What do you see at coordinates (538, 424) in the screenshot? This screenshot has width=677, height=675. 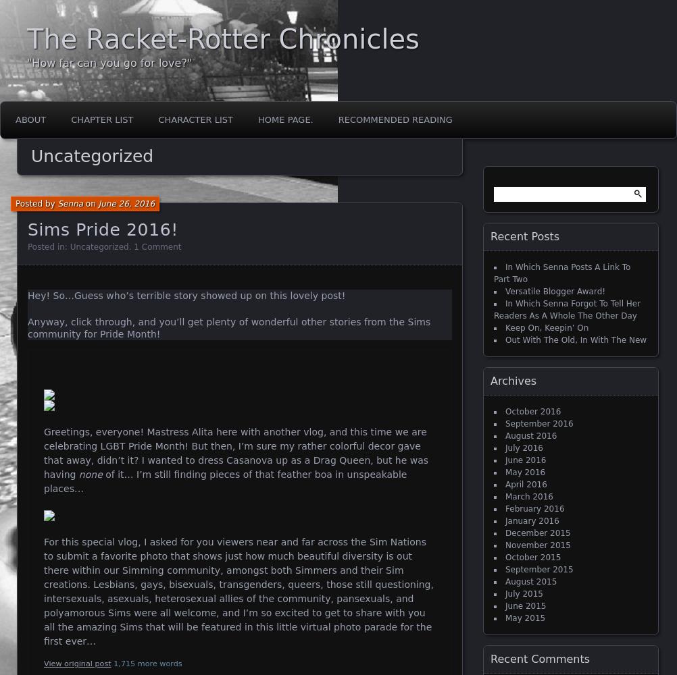 I see `'September 2016'` at bounding box center [538, 424].